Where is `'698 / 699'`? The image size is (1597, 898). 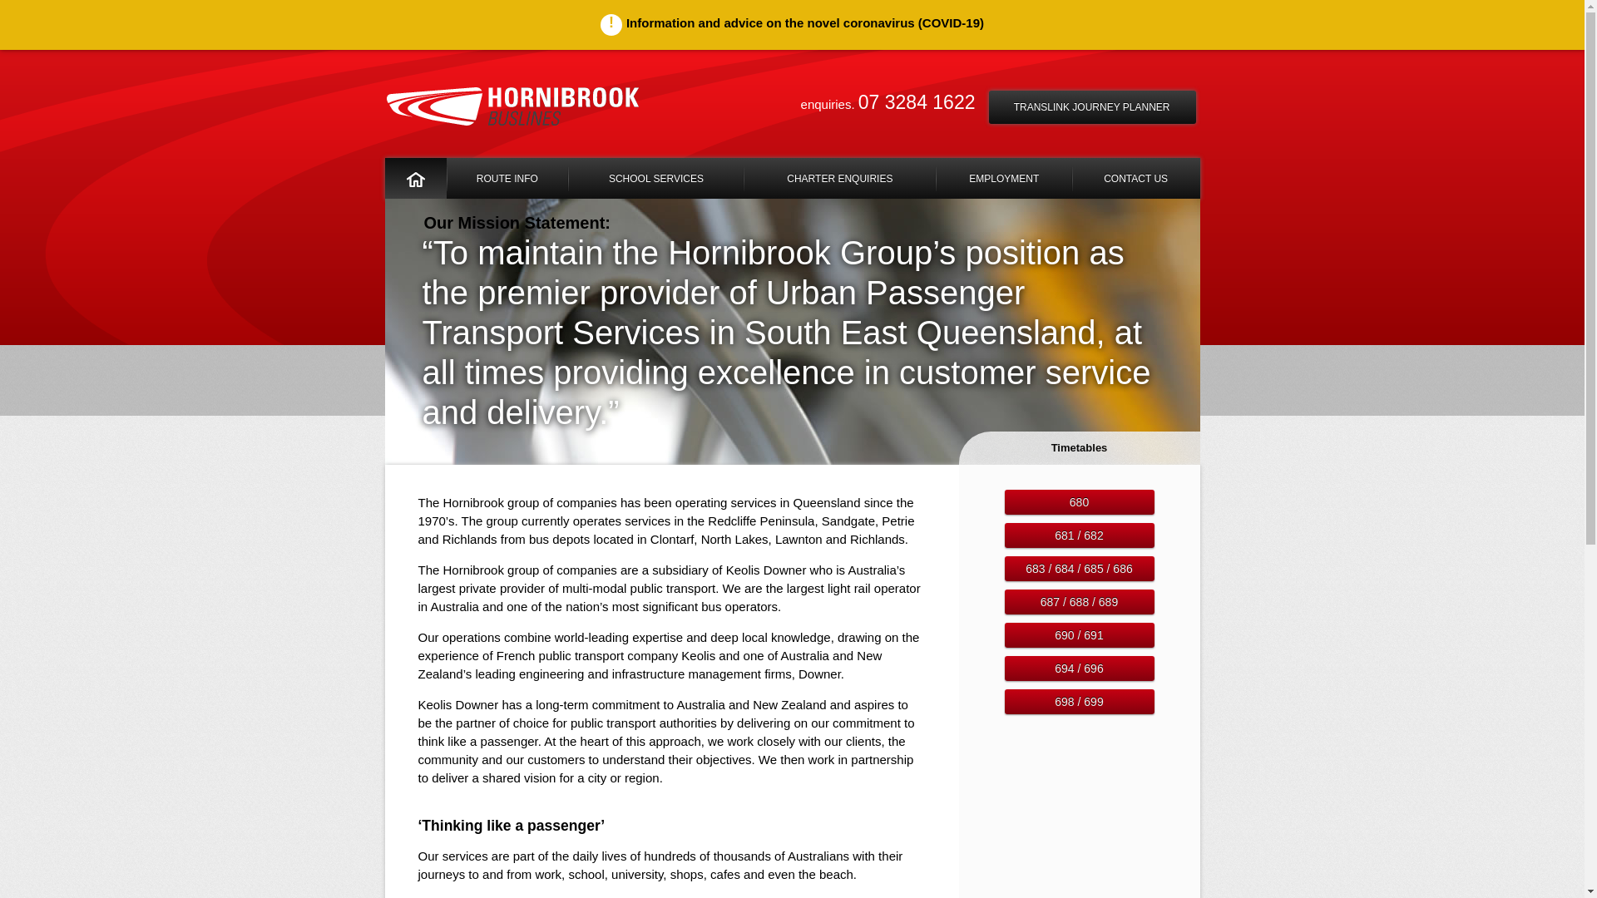 '698 / 699' is located at coordinates (1079, 702).